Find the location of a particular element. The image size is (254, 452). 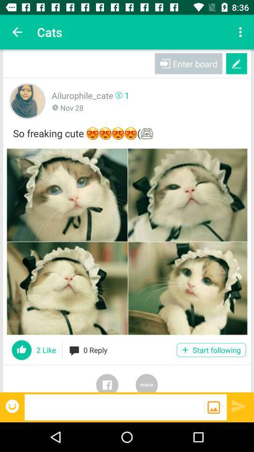

expand social media sharing icons is located at coordinates (147, 379).